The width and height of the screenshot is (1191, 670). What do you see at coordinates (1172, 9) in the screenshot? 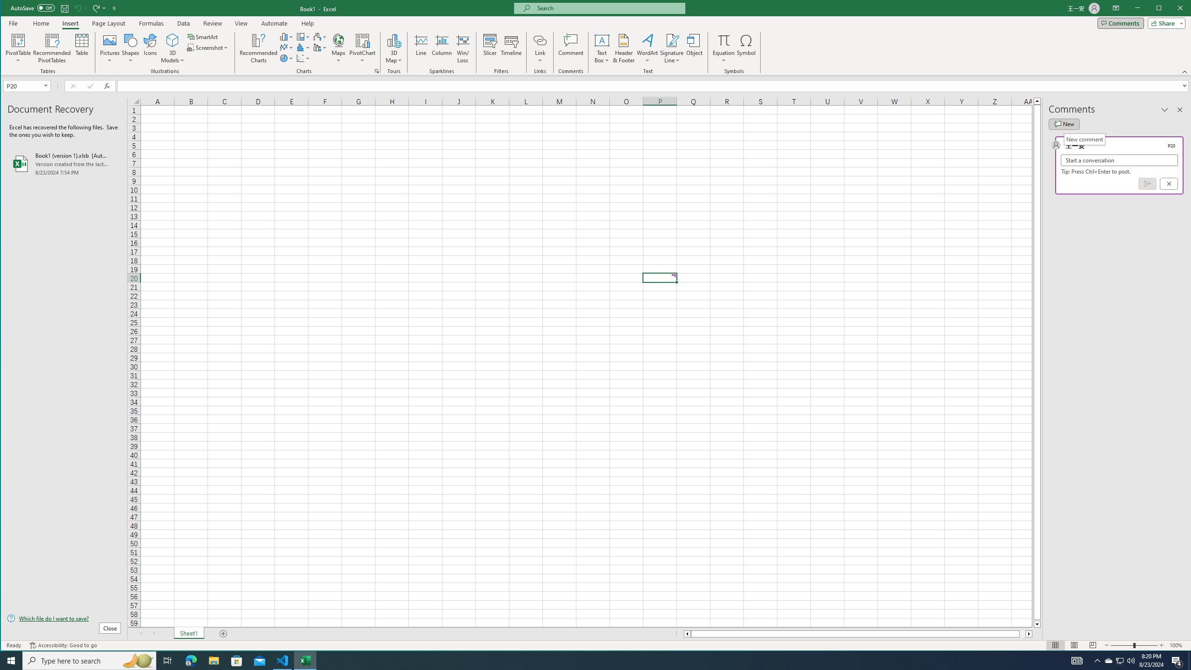
I see `'Maximize'` at bounding box center [1172, 9].